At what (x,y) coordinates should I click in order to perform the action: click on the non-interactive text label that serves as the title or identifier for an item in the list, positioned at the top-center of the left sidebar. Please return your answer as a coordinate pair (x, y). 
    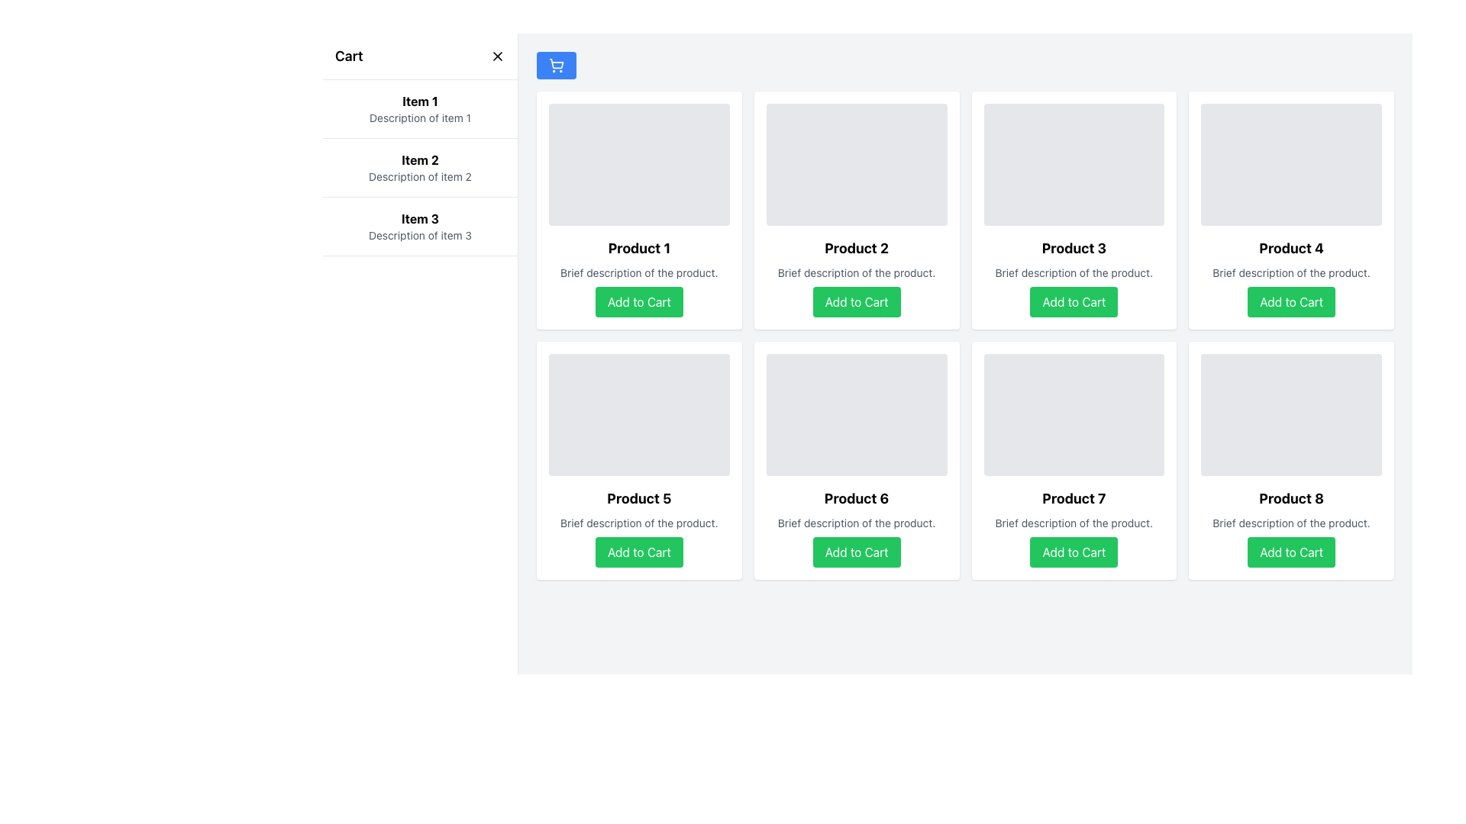
    Looking at the image, I should click on (420, 159).